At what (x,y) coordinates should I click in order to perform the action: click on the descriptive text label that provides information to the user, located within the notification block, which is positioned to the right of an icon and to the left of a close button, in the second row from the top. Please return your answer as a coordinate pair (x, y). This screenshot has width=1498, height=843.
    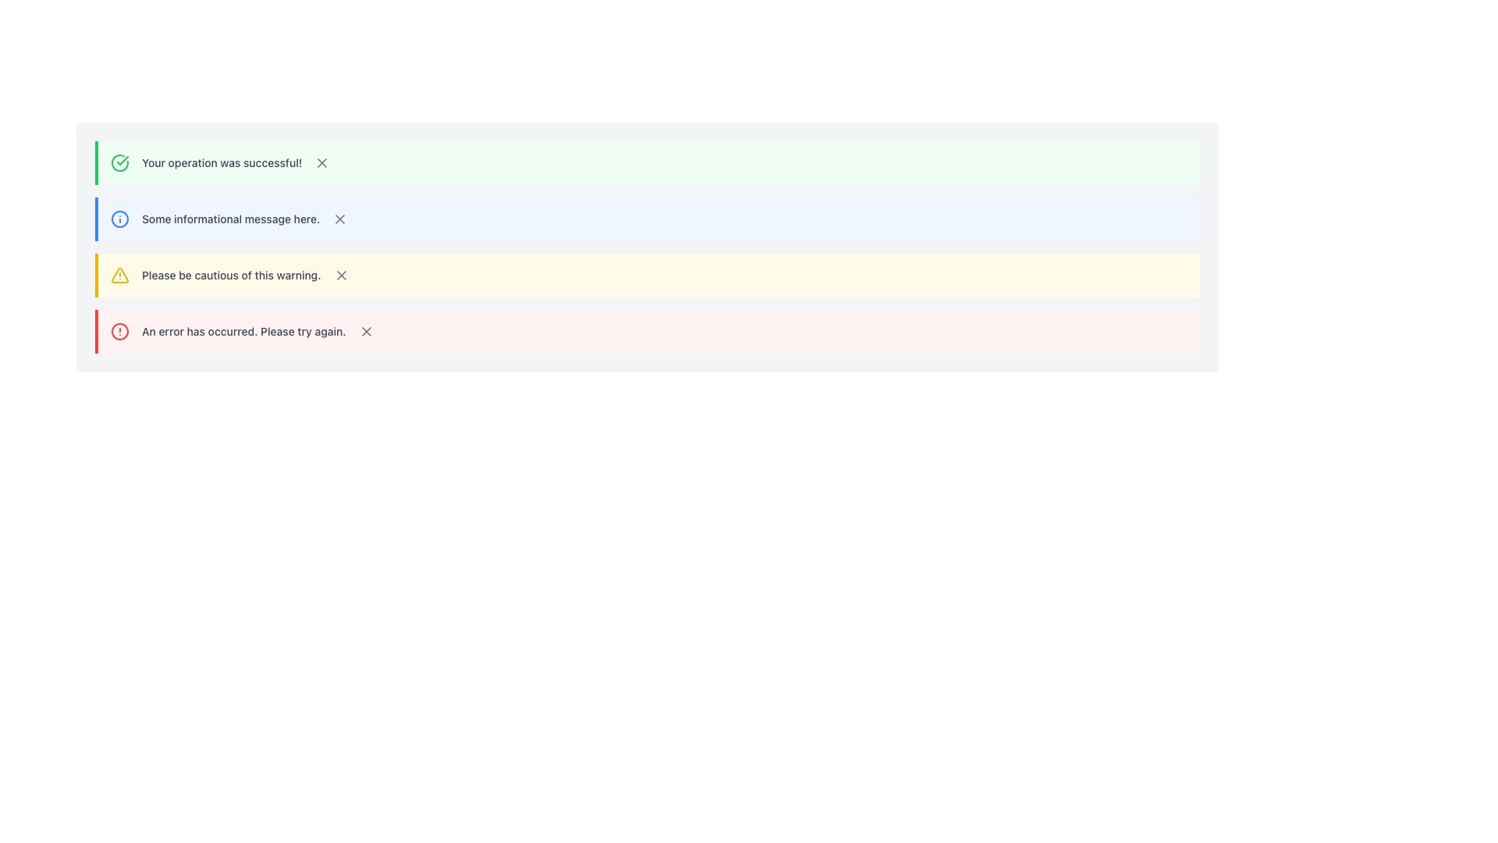
    Looking at the image, I should click on (230, 219).